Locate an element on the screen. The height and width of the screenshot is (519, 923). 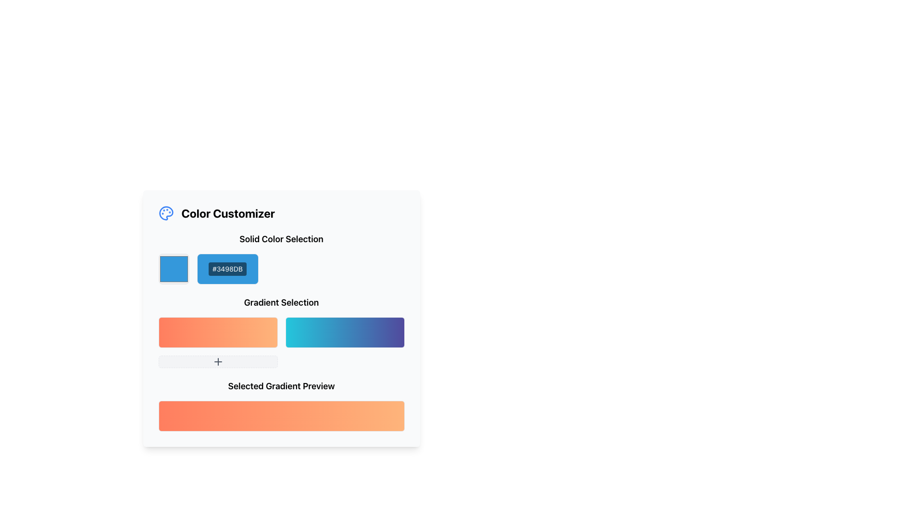
the third button in the 'Gradient Selection' section which has a light gray background, dashed borders, and a dark gray 'plus' icon to trigger the focus effect is located at coordinates (217, 361).